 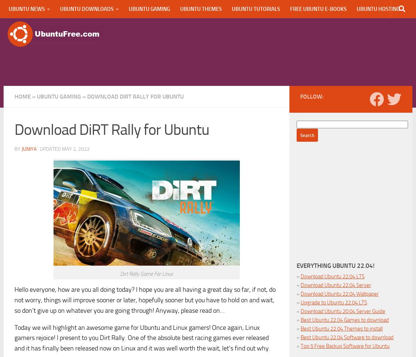 I want to click on 'Download Ubuntu 22.04 Wallpaper', so click(x=300, y=294).